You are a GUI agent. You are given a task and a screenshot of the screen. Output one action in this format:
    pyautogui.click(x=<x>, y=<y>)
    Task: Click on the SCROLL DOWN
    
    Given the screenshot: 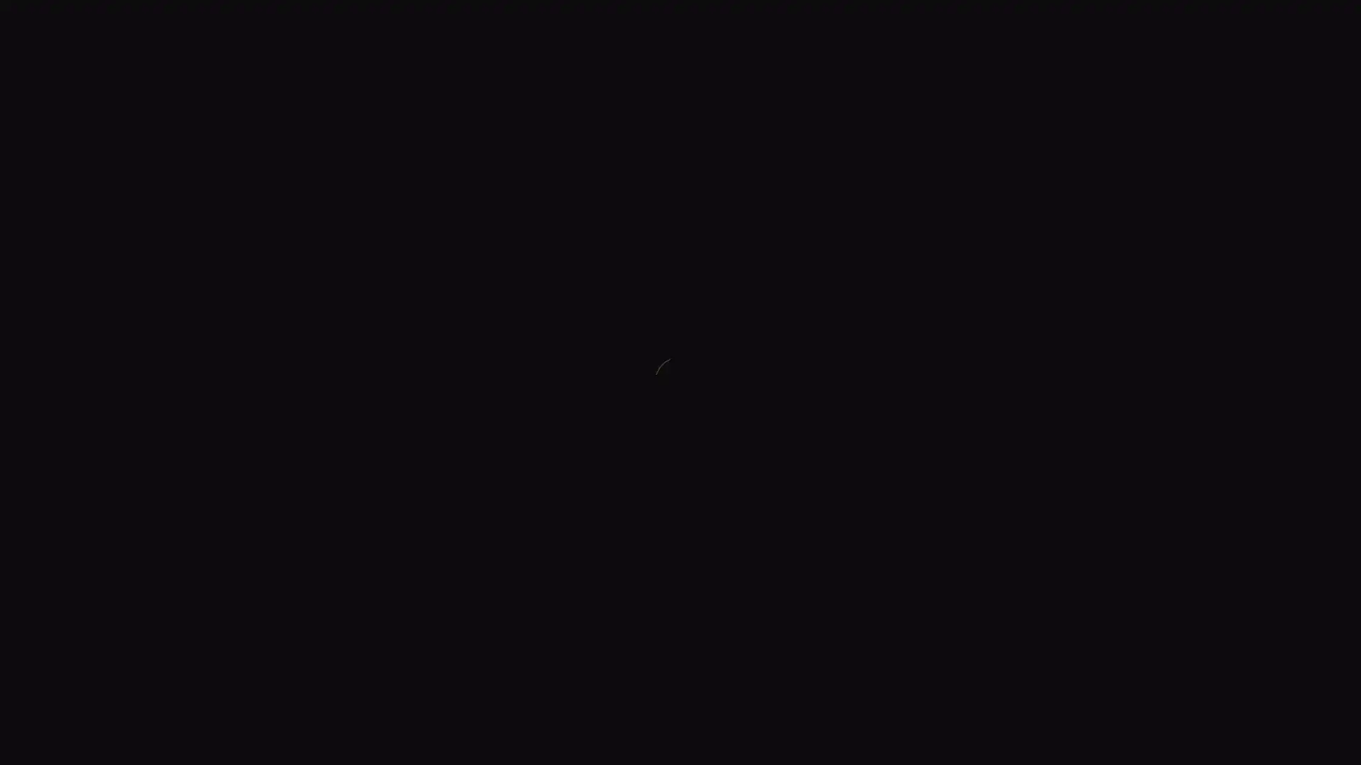 What is the action you would take?
    pyautogui.click(x=680, y=710)
    